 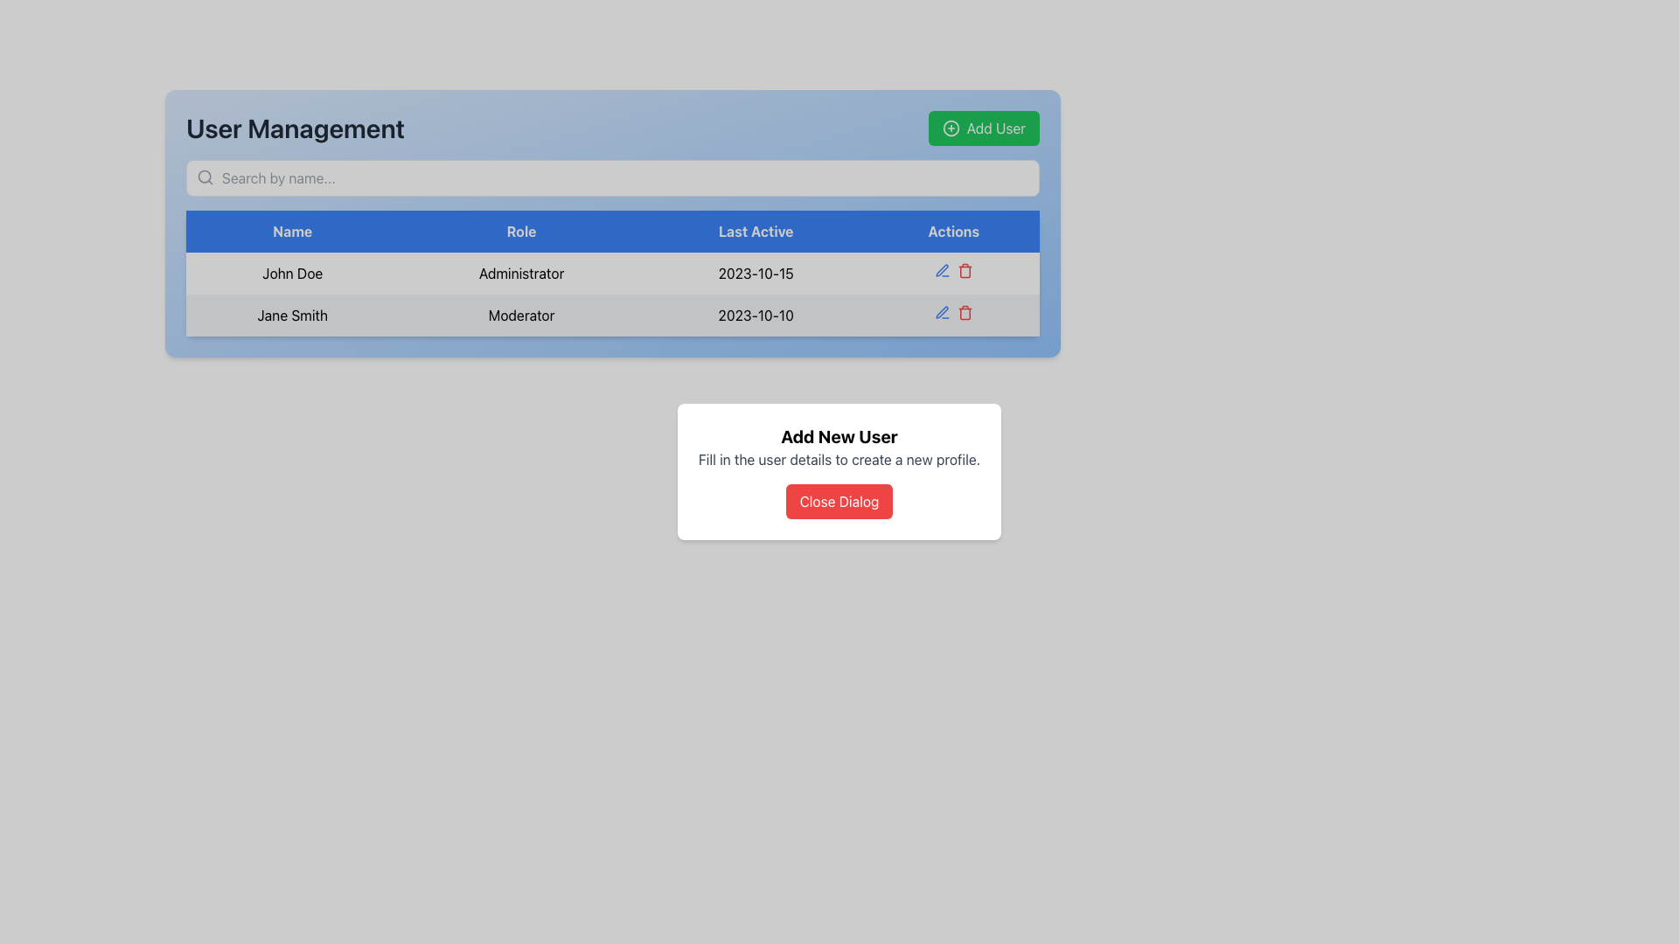 I want to click on the red button labeled 'Close Dialog' located beneath the text 'Fill in the user details to create a new profile' in the dialog titled 'Add New User', so click(x=839, y=502).